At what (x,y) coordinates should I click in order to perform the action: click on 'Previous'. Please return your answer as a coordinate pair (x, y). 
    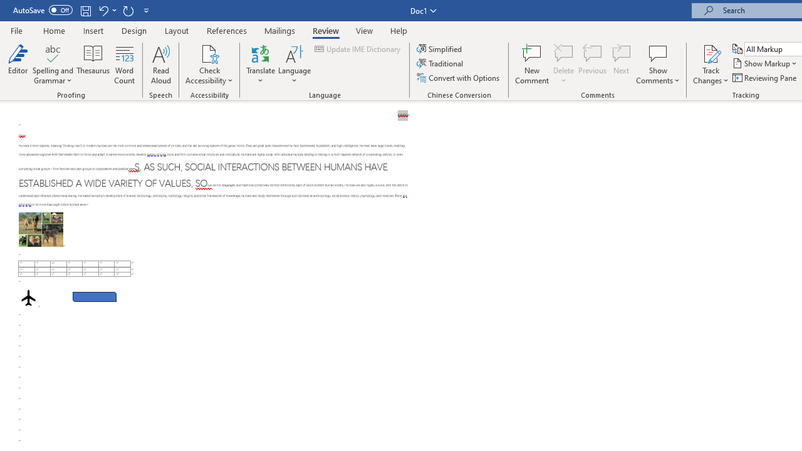
    Looking at the image, I should click on (592, 65).